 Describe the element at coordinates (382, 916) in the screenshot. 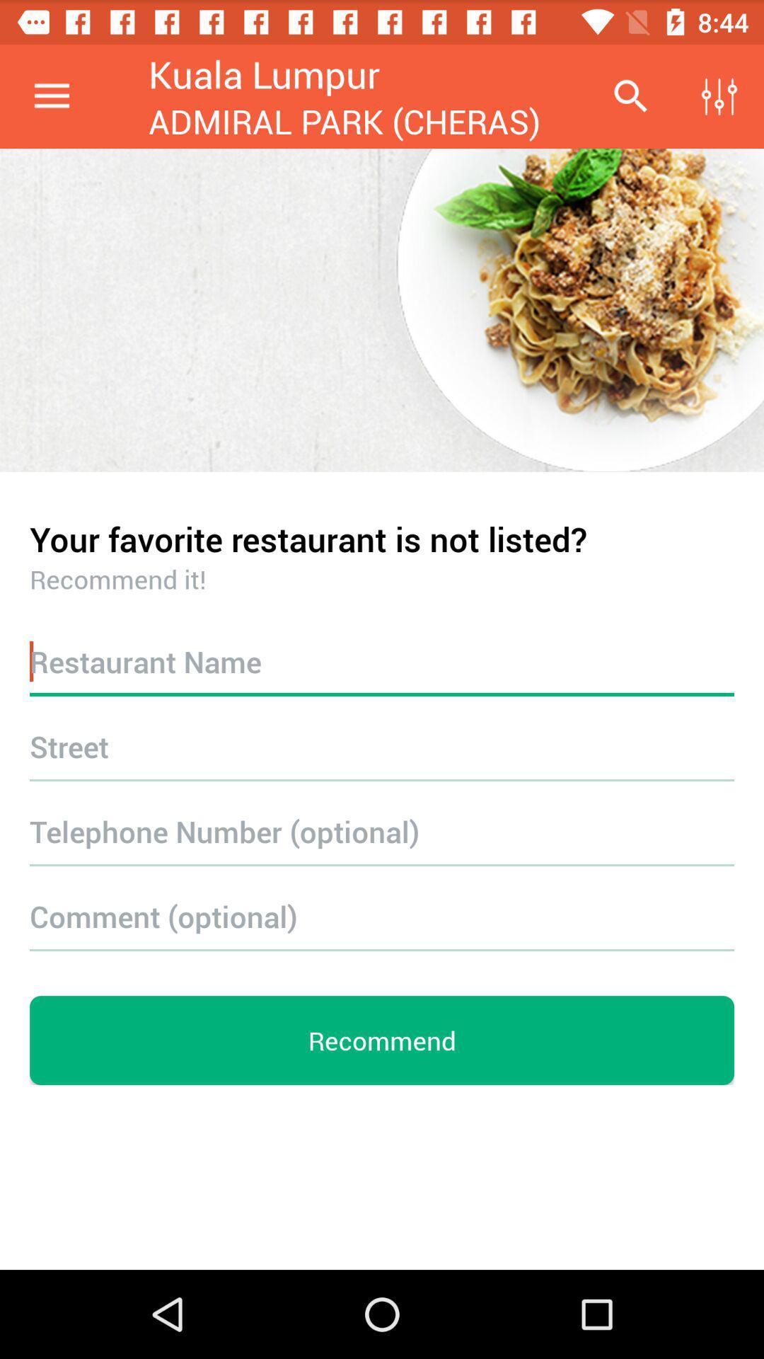

I see `type a comment` at that location.